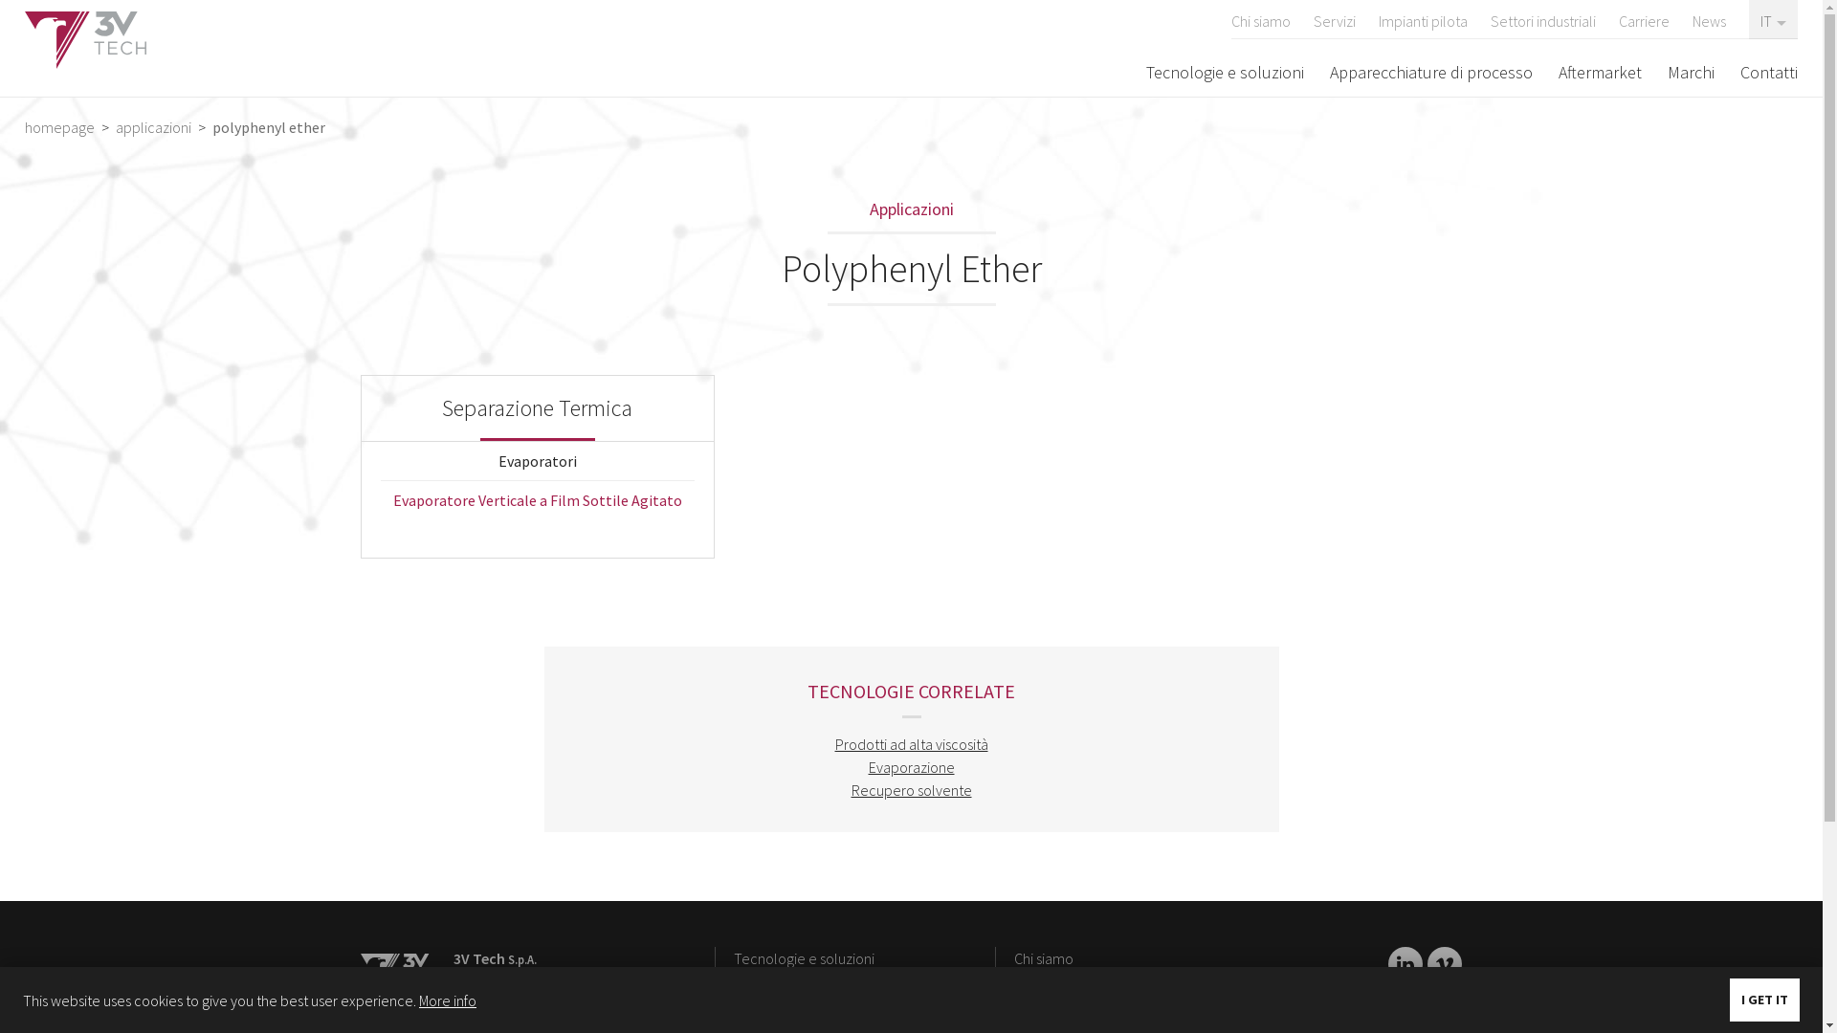  What do you see at coordinates (1431, 70) in the screenshot?
I see `'Apparecchiature di processo'` at bounding box center [1431, 70].